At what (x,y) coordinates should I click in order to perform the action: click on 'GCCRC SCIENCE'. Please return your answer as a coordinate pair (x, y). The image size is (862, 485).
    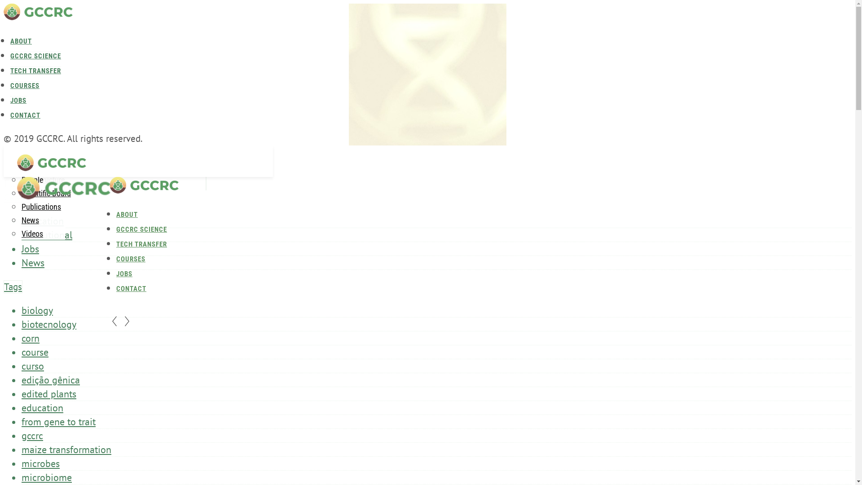
    Looking at the image, I should click on (141, 229).